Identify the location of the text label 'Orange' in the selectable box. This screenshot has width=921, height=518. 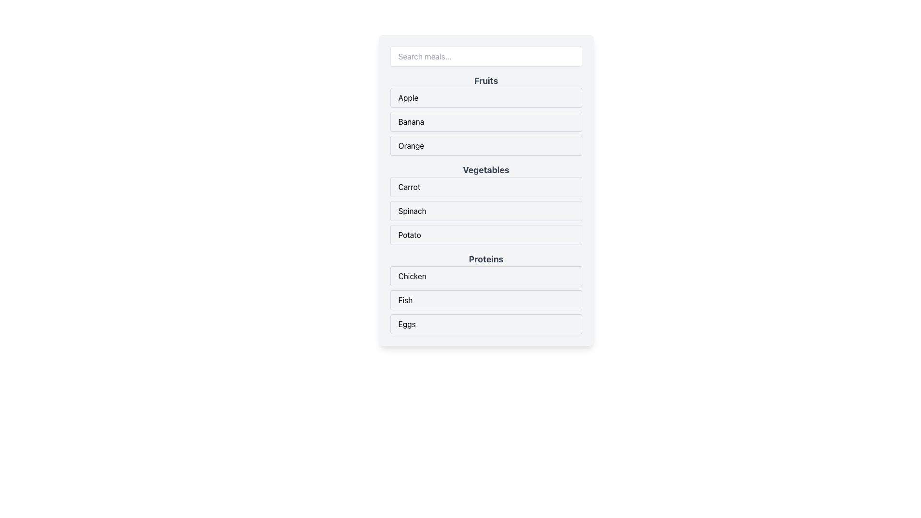
(411, 146).